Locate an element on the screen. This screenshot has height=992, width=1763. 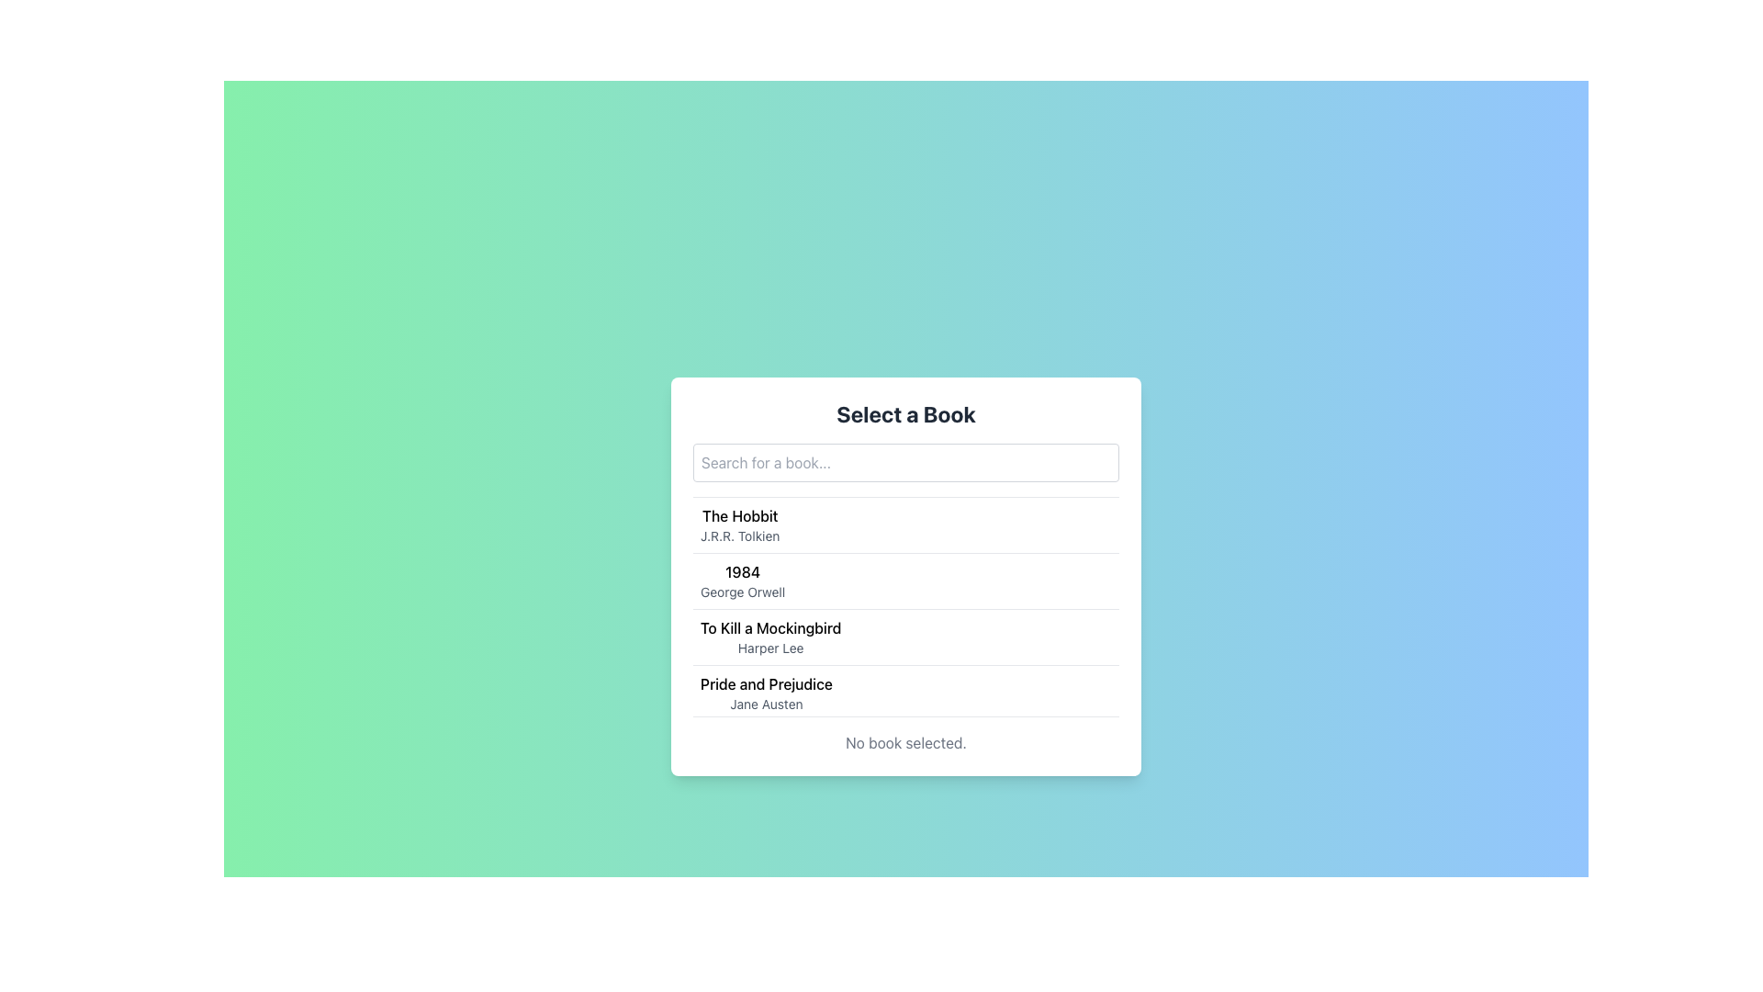
the text label 'The Hobbit' which is the topmost element in a vertical list of book titles, serving as a reference point for selecting the associated list item is located at coordinates (740, 516).